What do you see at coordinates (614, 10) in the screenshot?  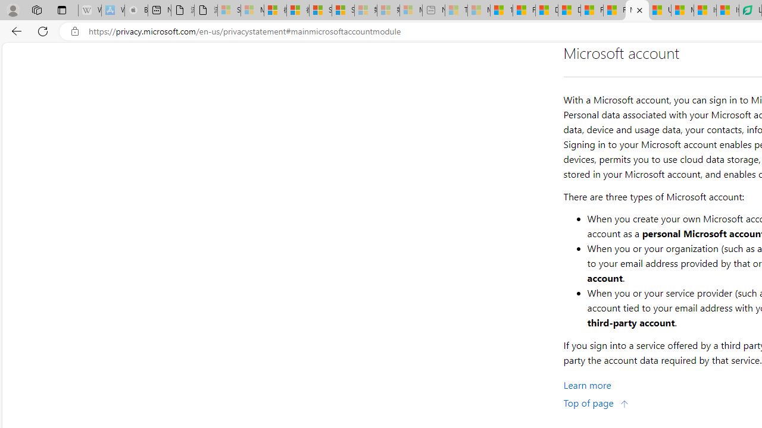 I see `'Foo BAR | Trusted Community Engagement and Contributions'` at bounding box center [614, 10].